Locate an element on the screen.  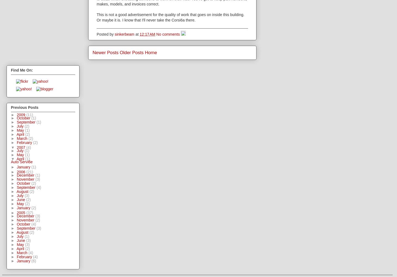
'(37)' is located at coordinates (29, 213).